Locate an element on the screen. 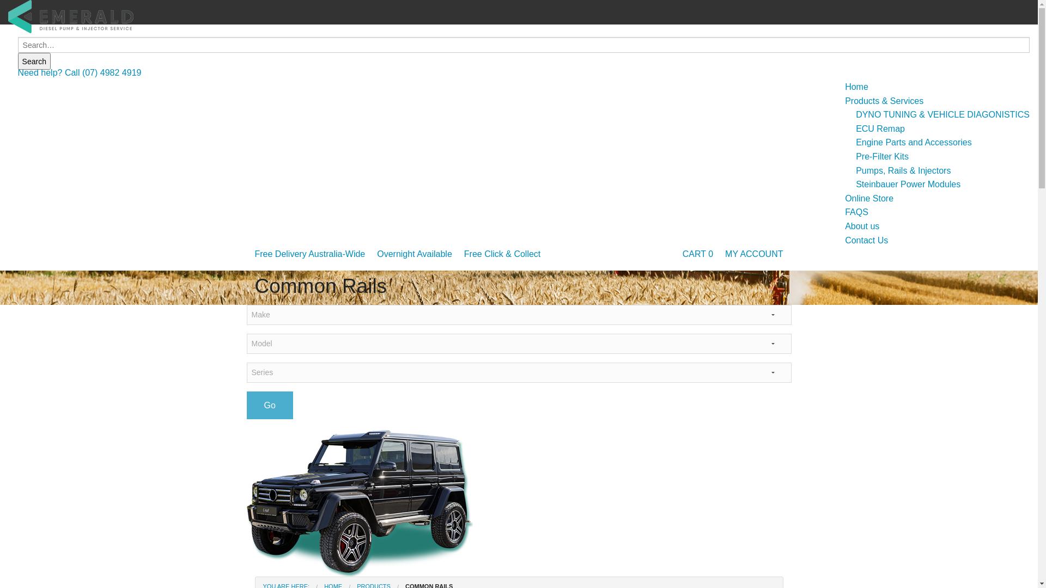 This screenshot has width=1046, height=588. 'Search' is located at coordinates (34, 61).